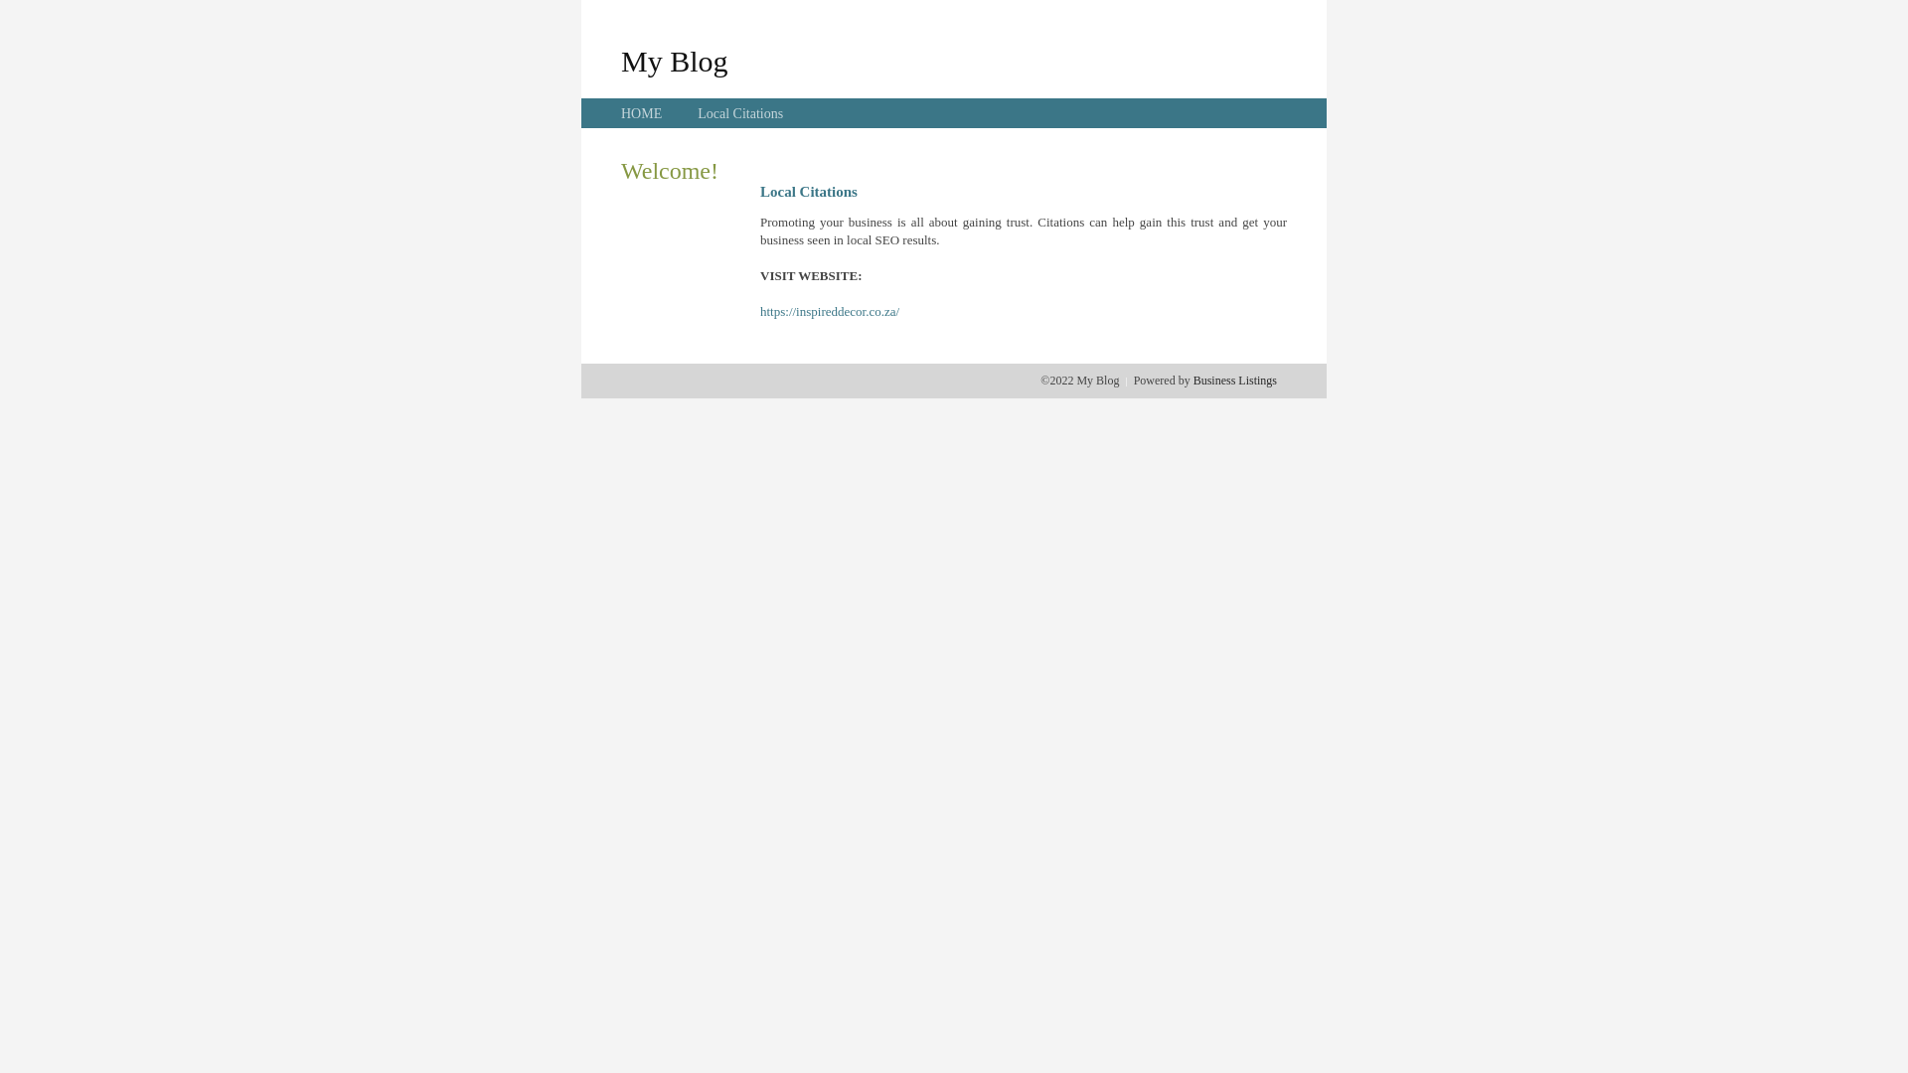 The width and height of the screenshot is (1908, 1073). What do you see at coordinates (830, 311) in the screenshot?
I see `'https://inspireddecor.co.za/'` at bounding box center [830, 311].